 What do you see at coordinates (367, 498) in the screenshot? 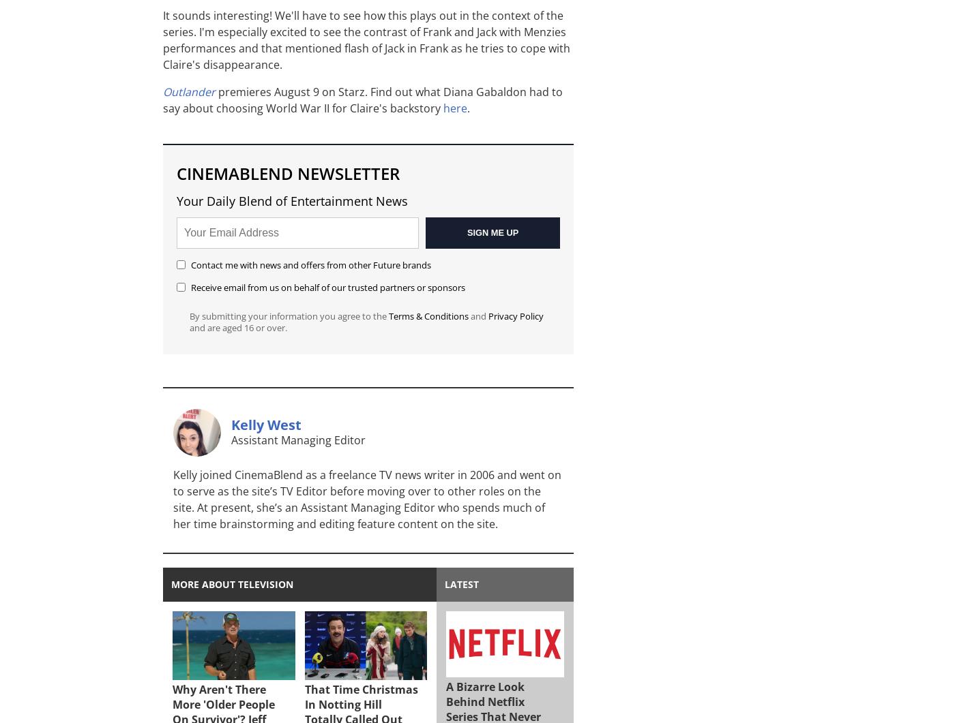
I see `'Kelly joined CinemaBlend as a freelance TV news writer in 2006 and went on to serve as the site’s TV Editor before moving over to other roles on the site. At present, she’s an Assistant Managing Editor who spends much of her time brainstorming and editing feature content on the site.'` at bounding box center [367, 498].